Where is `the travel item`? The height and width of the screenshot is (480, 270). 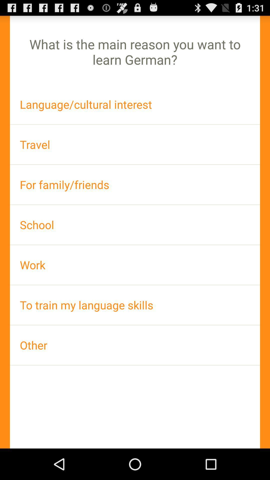 the travel item is located at coordinates (135, 144).